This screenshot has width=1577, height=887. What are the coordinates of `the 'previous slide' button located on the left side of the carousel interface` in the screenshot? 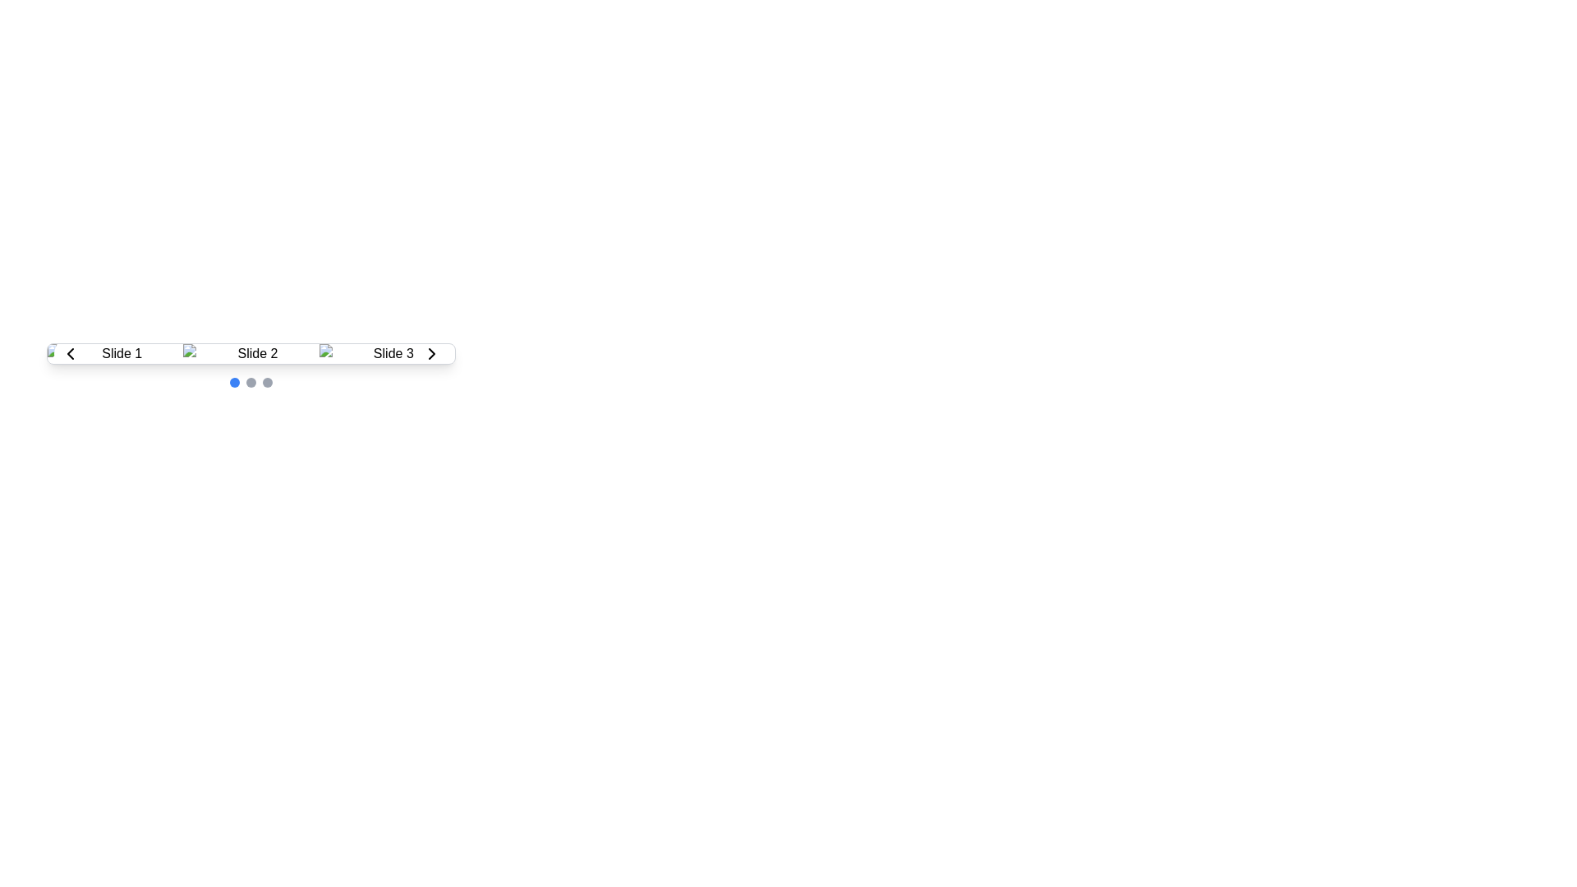 It's located at (70, 353).